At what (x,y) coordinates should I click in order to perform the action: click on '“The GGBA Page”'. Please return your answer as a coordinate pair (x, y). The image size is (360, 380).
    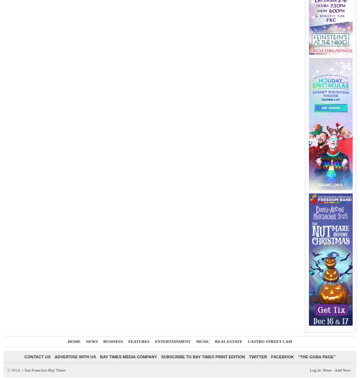
    Looking at the image, I should click on (317, 356).